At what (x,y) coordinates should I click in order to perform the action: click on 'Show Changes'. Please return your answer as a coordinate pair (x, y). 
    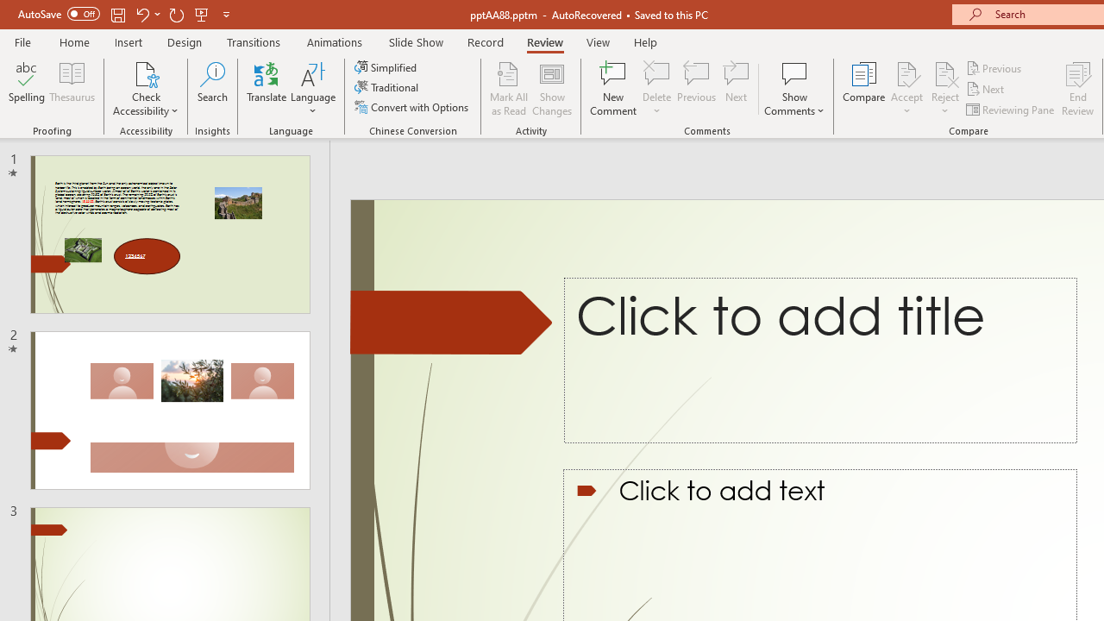
    Looking at the image, I should click on (552, 89).